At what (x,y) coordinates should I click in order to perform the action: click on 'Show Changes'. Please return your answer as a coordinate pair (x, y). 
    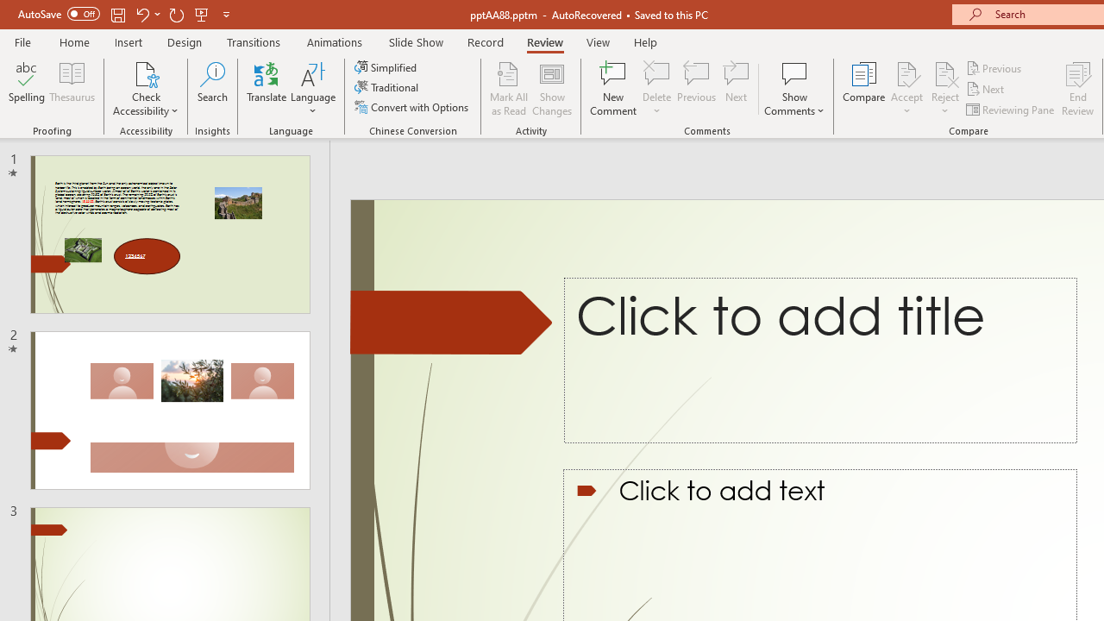
    Looking at the image, I should click on (552, 89).